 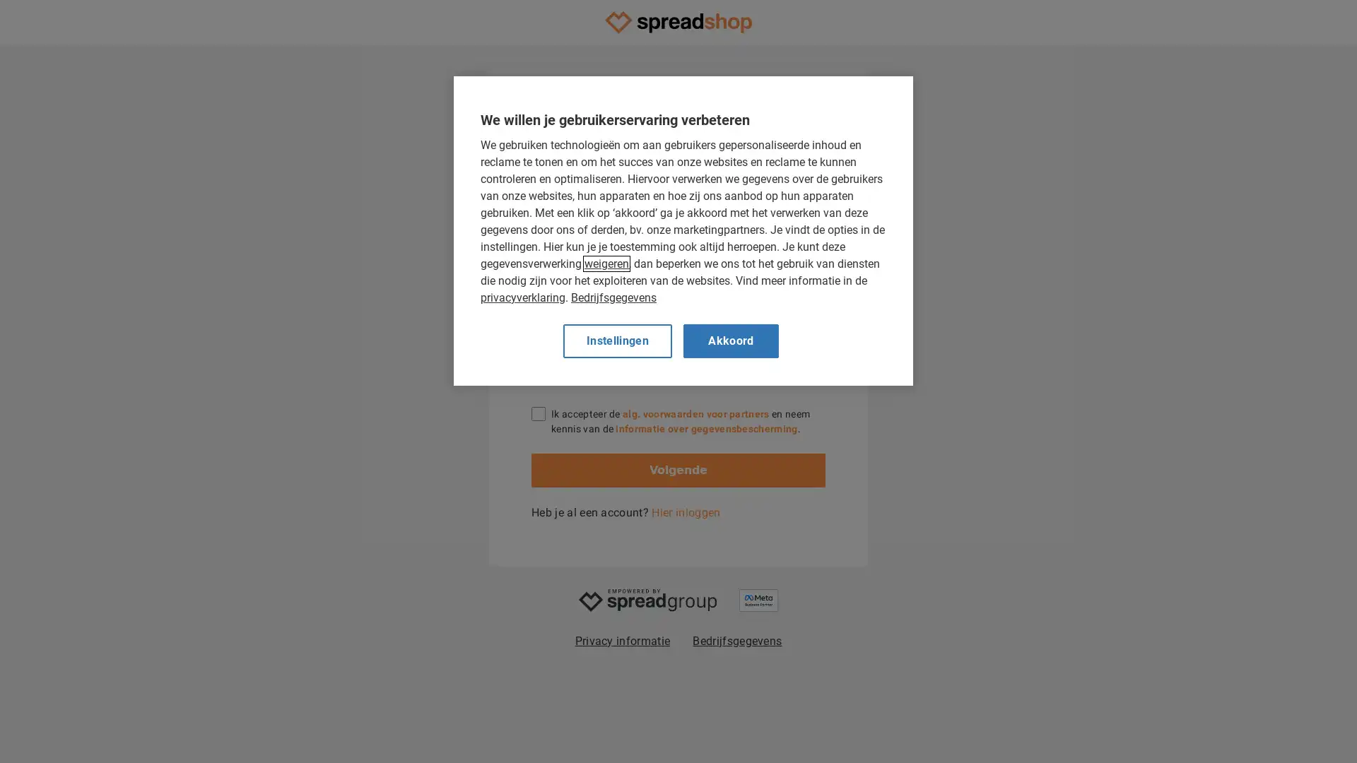 What do you see at coordinates (617, 341) in the screenshot?
I see `Instellingen` at bounding box center [617, 341].